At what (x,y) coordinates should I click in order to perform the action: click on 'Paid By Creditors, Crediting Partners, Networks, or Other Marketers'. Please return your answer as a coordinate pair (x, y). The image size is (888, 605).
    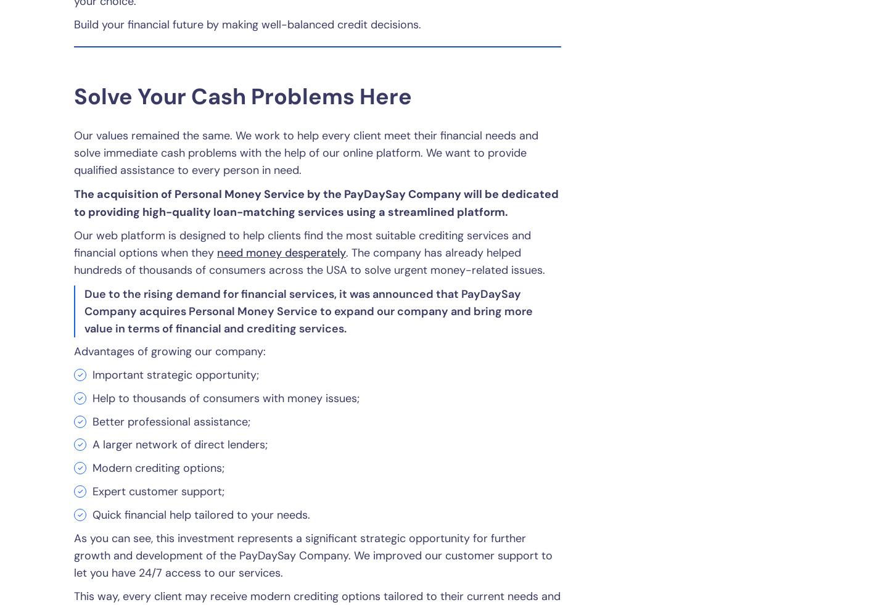
    Looking at the image, I should click on (255, 208).